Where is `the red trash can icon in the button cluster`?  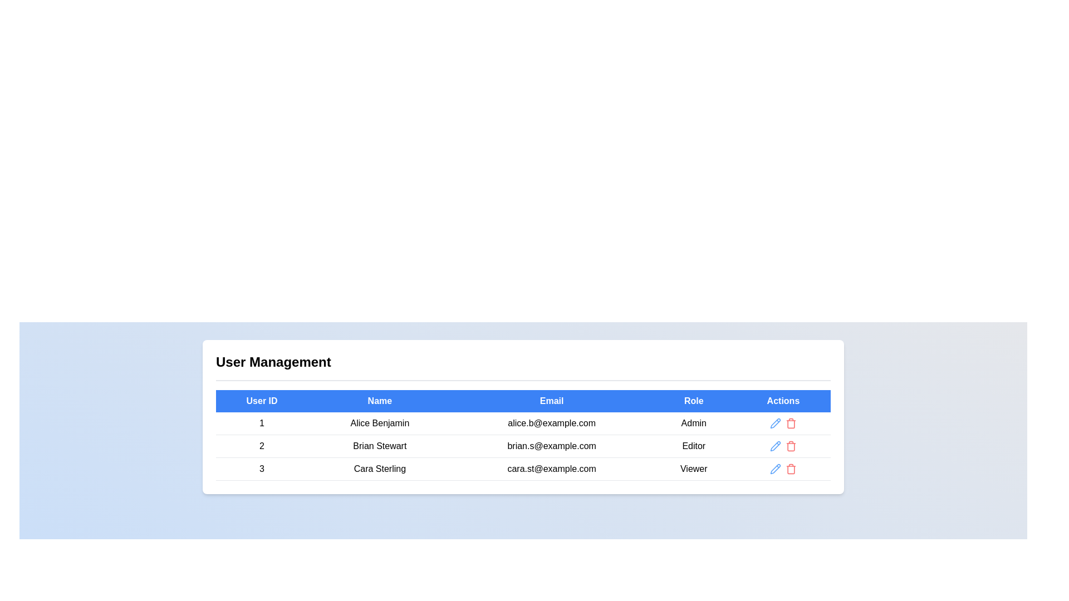 the red trash can icon in the button cluster is located at coordinates (782, 446).